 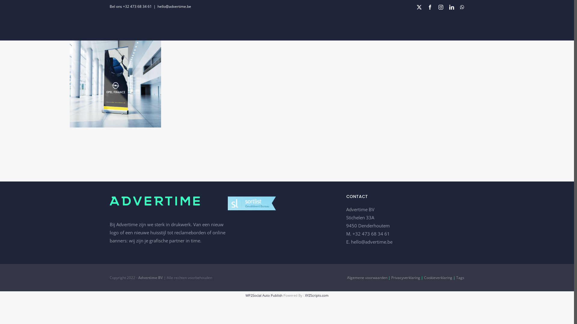 What do you see at coordinates (462, 7) in the screenshot?
I see `'WhatsApp'` at bounding box center [462, 7].